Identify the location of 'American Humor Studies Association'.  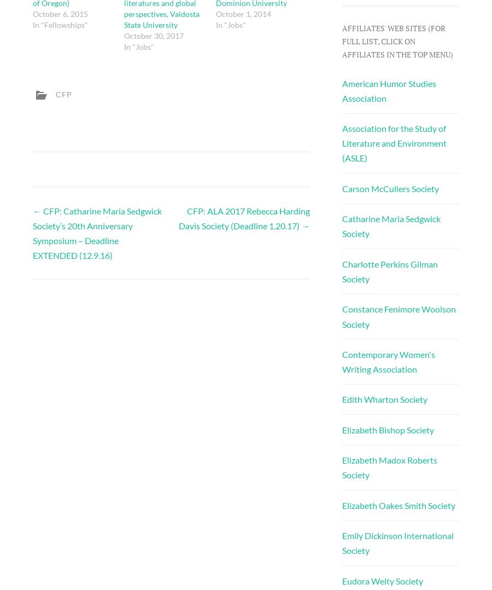
(388, 90).